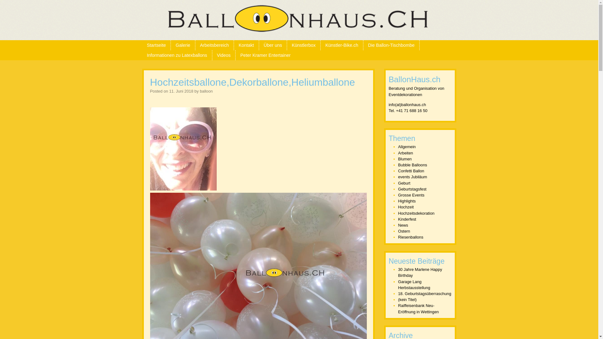 Image resolution: width=603 pixels, height=339 pixels. Describe the element at coordinates (265, 55) in the screenshot. I see `'Peter Kramer Entertainer'` at that location.